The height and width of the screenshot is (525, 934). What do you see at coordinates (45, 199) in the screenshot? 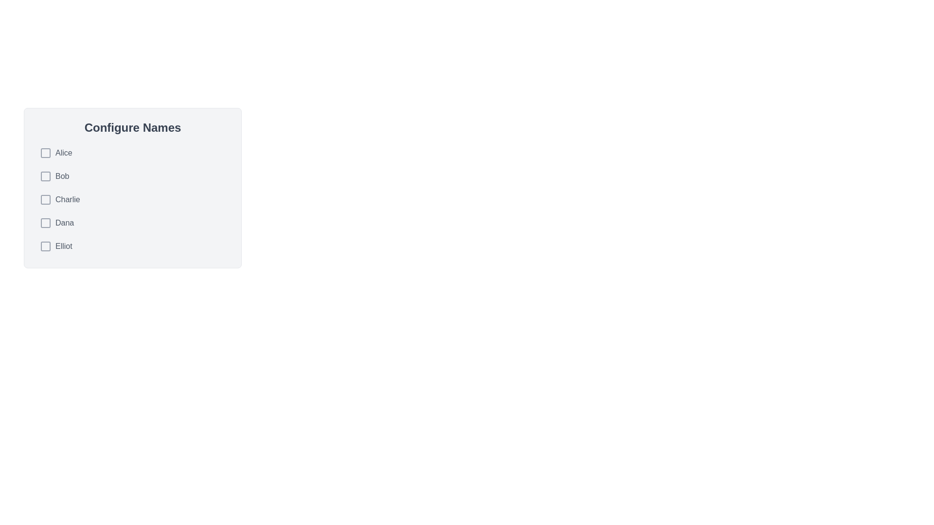
I see `the checkbox labeled 'Charlie', which is the third checkbox under 'Configure Names'` at bounding box center [45, 199].